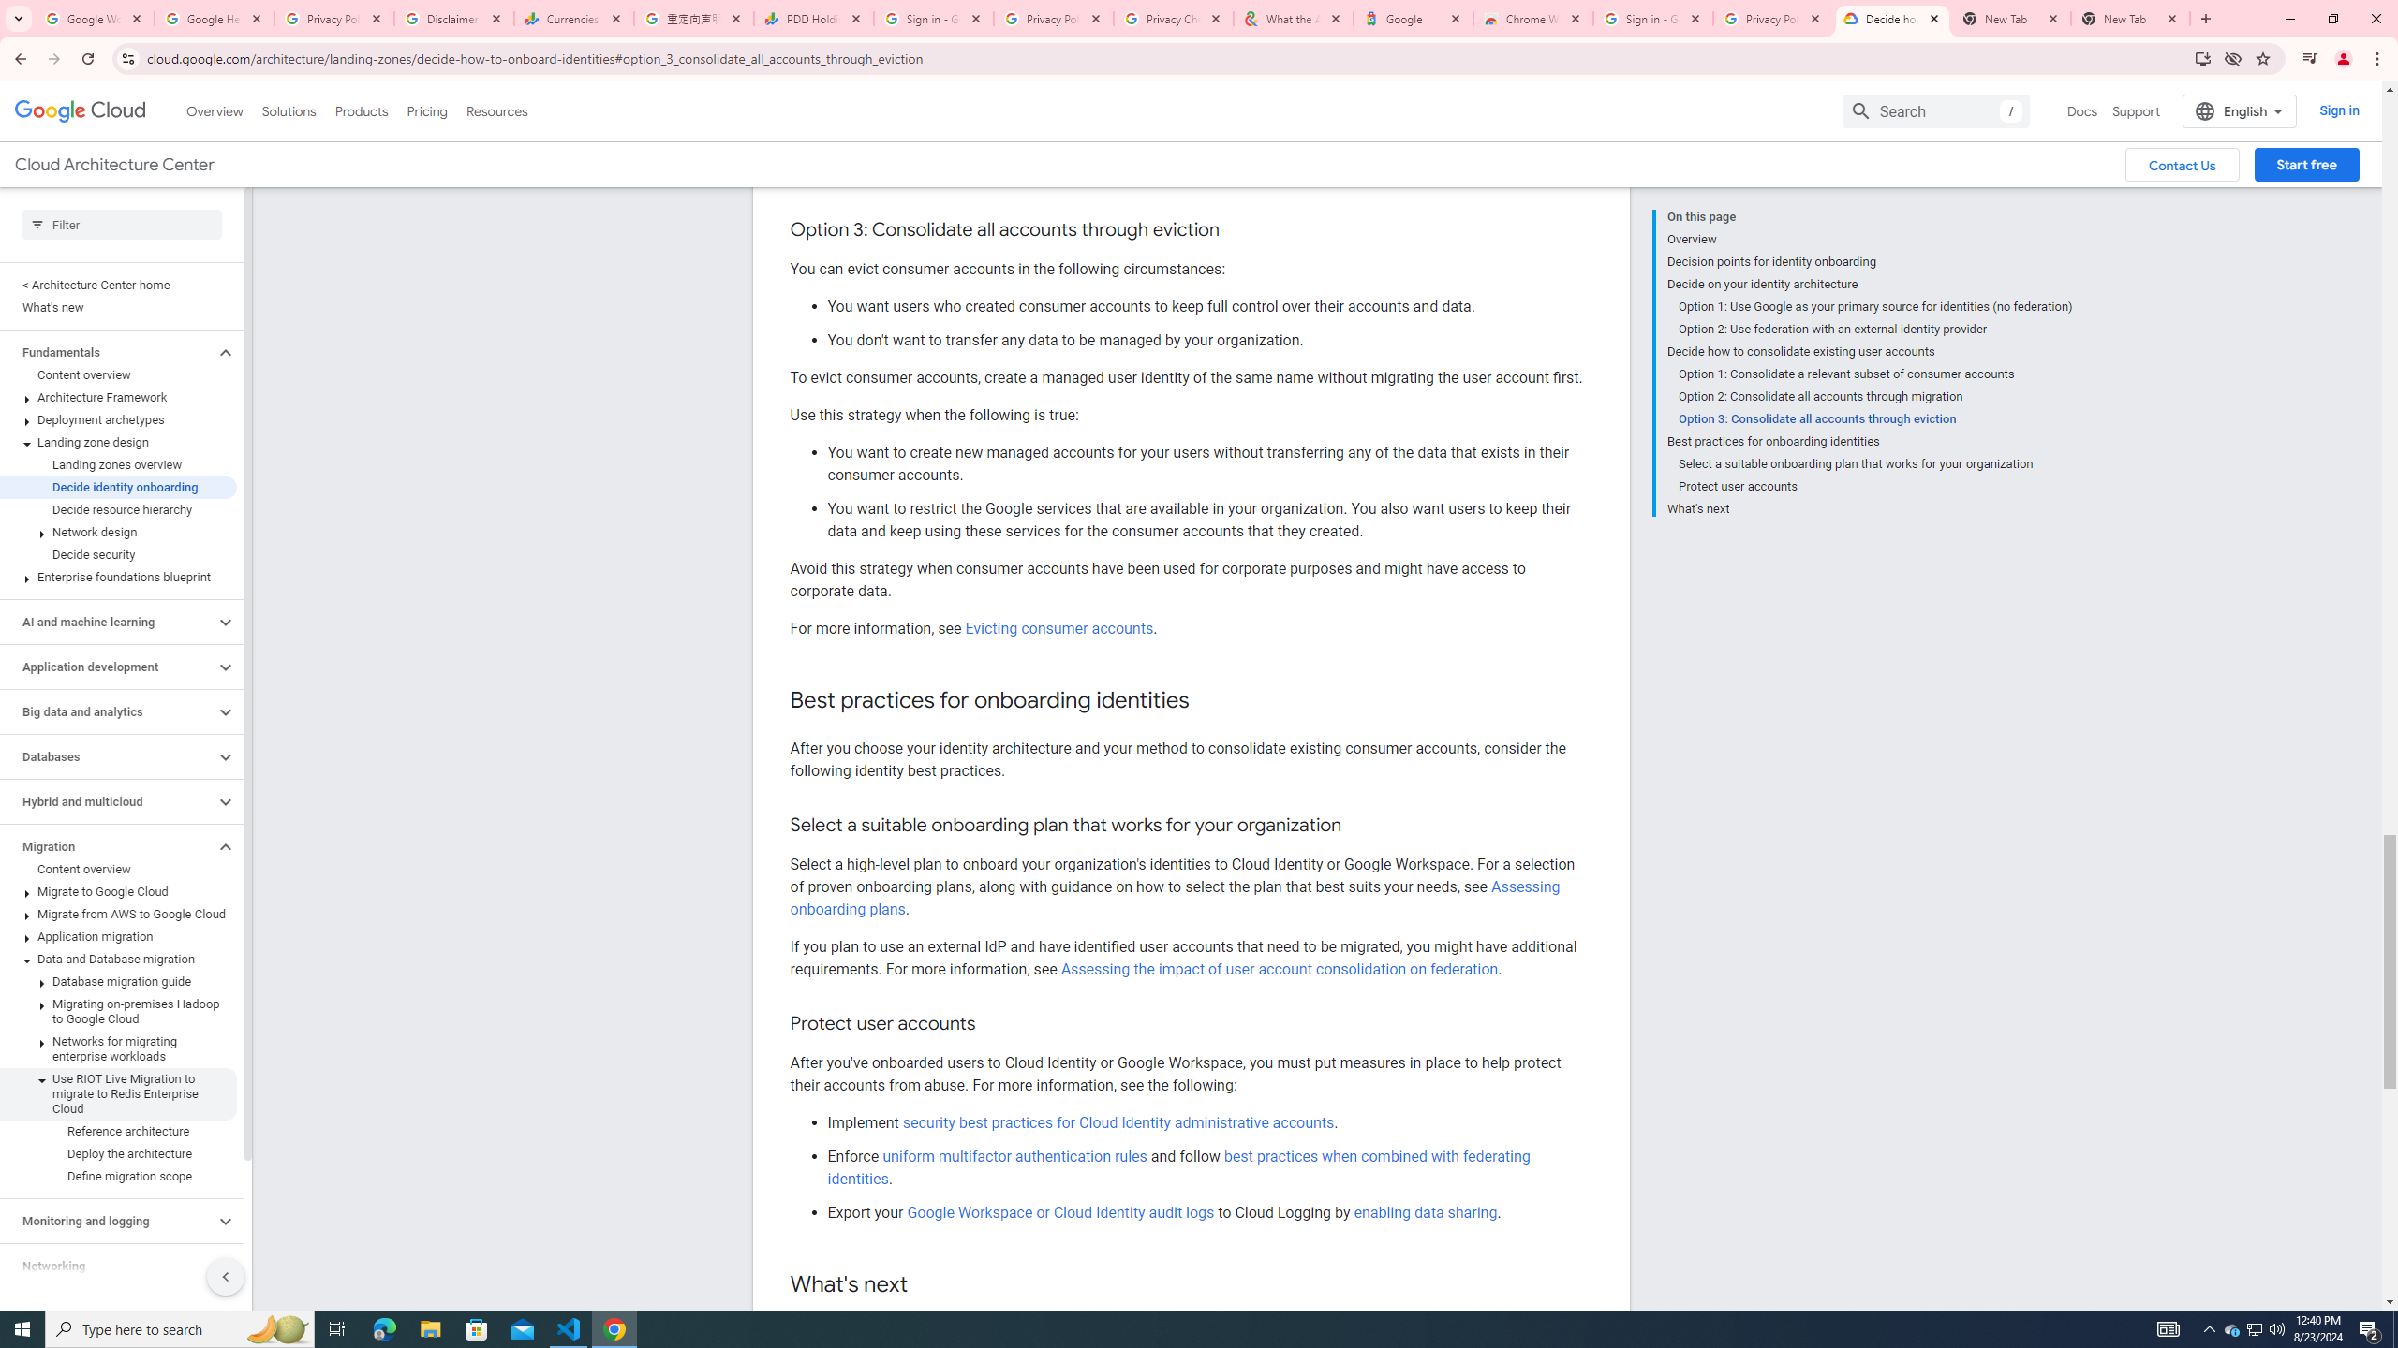 The image size is (2398, 1348). Describe the element at coordinates (1174, 897) in the screenshot. I see `'Assessing onboarding plans'` at that location.